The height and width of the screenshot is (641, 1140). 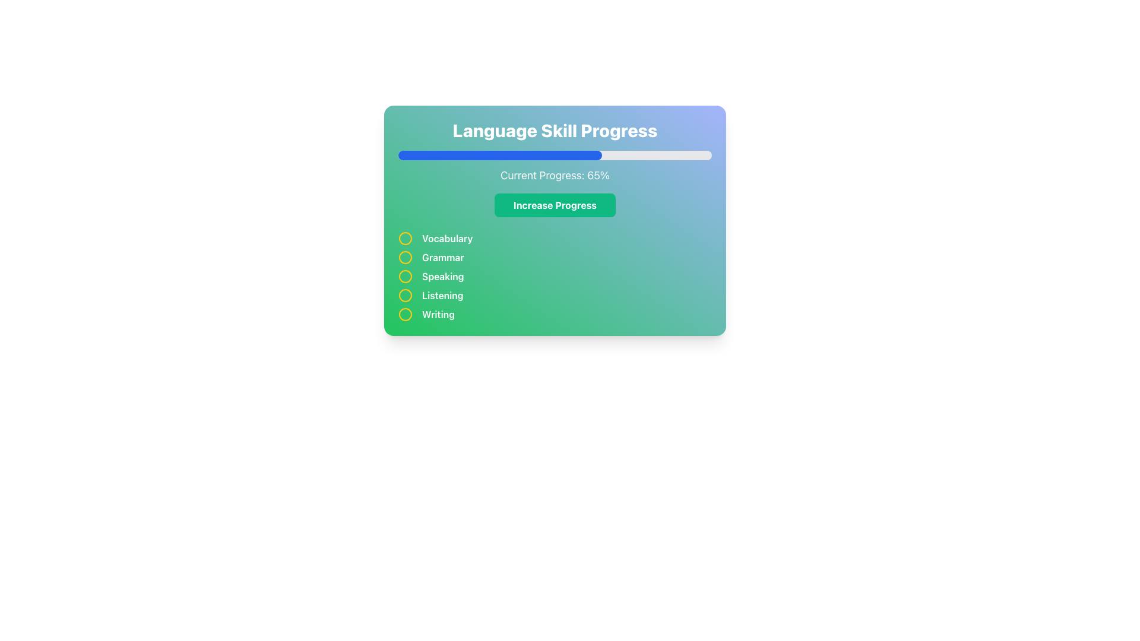 What do you see at coordinates (555, 205) in the screenshot?
I see `the green button with the bold white text 'Increase Progress' that is located directly underneath the 'Current Progress: 65%' text` at bounding box center [555, 205].